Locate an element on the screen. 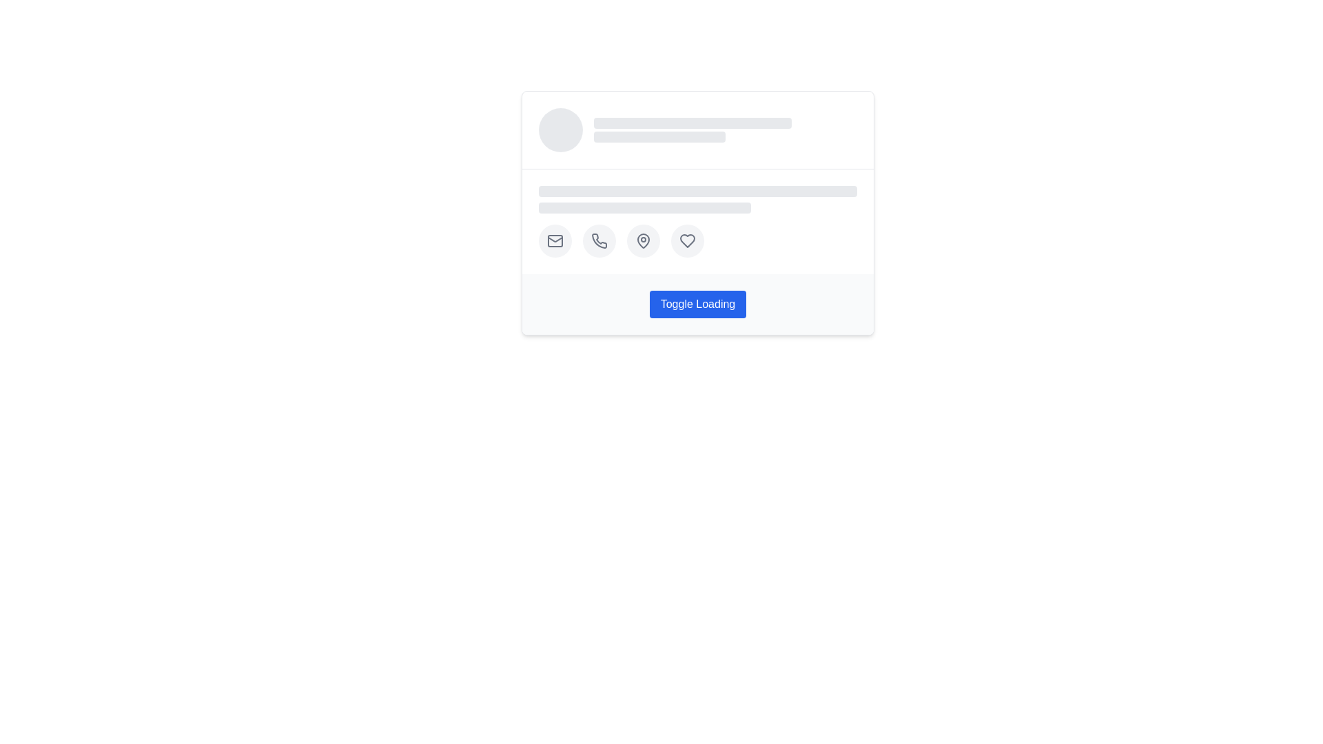  the first icon in the row of interactive symbols below the textual information is located at coordinates (555, 240).